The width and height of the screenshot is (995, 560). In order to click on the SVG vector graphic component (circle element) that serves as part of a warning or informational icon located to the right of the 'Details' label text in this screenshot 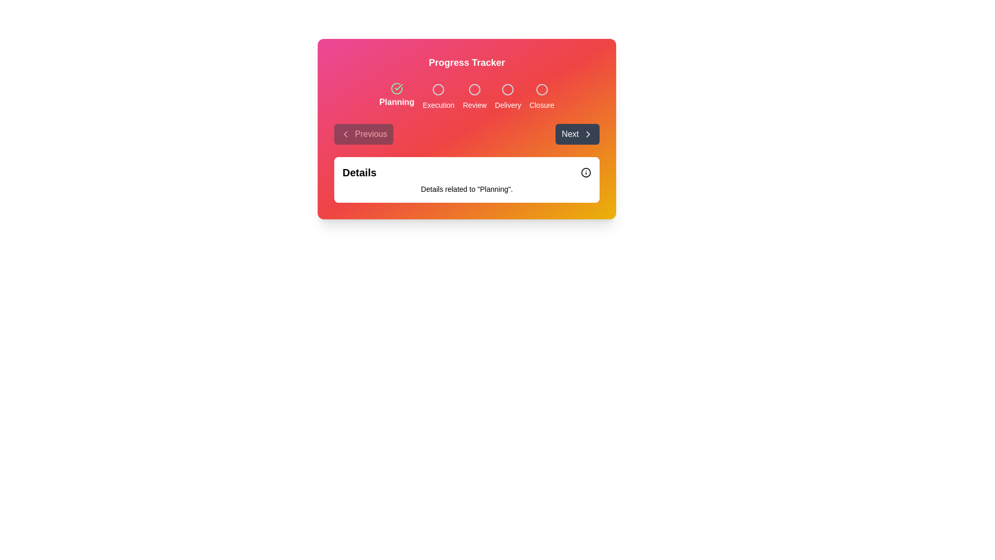, I will do `click(586, 172)`.